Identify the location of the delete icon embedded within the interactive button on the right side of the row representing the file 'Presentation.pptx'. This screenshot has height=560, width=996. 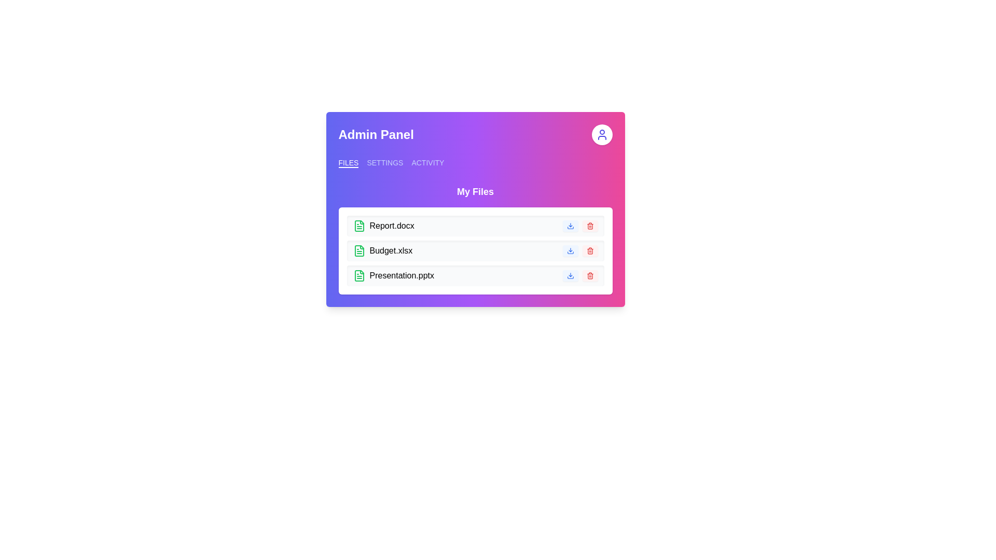
(590, 275).